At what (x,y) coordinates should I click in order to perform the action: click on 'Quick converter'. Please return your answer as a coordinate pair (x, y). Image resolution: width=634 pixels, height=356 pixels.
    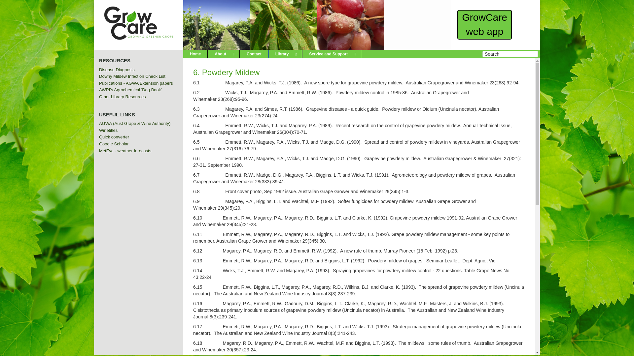
    Looking at the image, I should click on (114, 136).